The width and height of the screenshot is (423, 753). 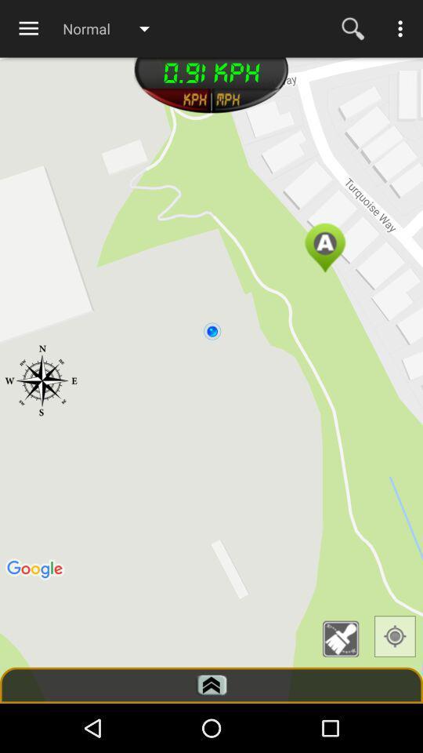 What do you see at coordinates (345, 639) in the screenshot?
I see `paint icon` at bounding box center [345, 639].